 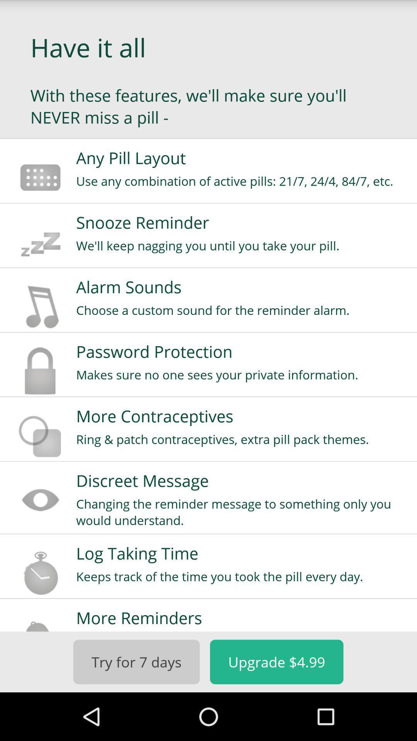 What do you see at coordinates (241, 480) in the screenshot?
I see `the item above the changing the reminder` at bounding box center [241, 480].